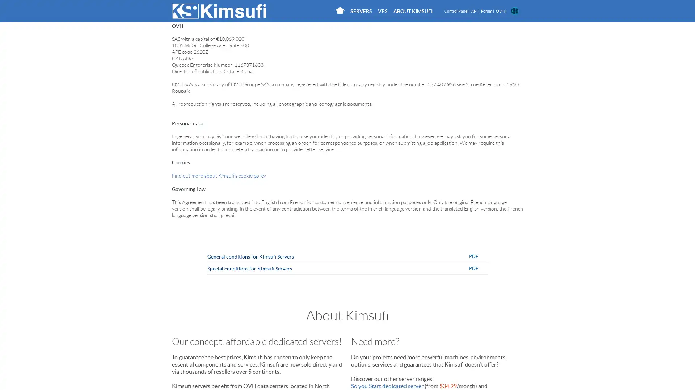 The image size is (695, 390). I want to click on Accept, so click(464, 178).